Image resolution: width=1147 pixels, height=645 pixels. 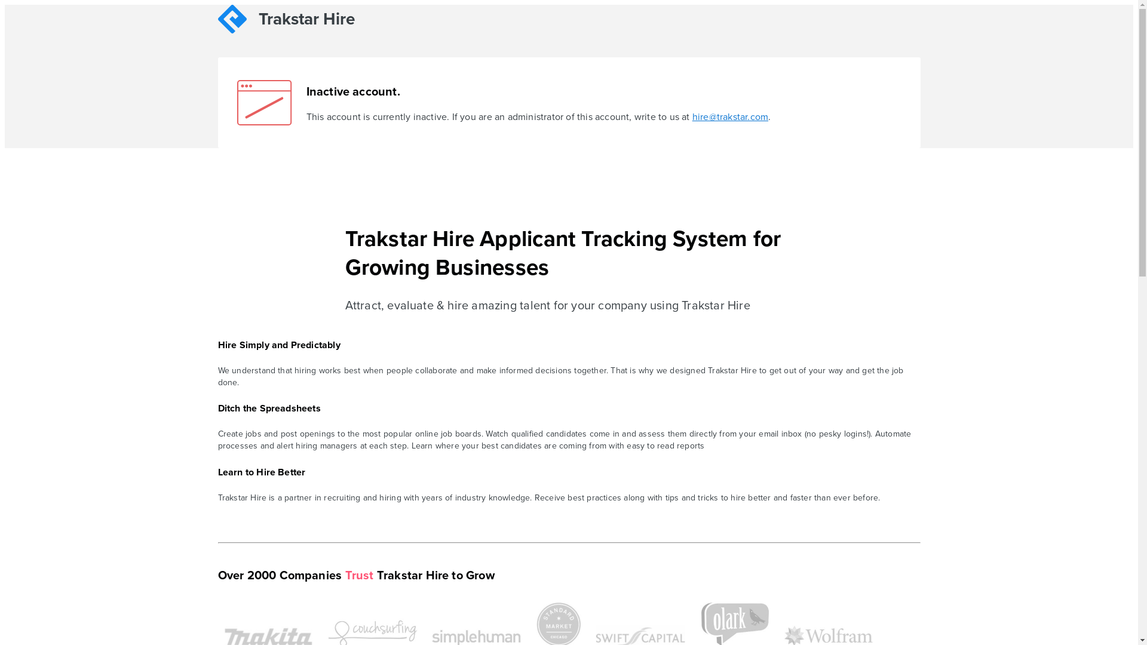 I want to click on 'Trakstar Hire', so click(x=303, y=21).